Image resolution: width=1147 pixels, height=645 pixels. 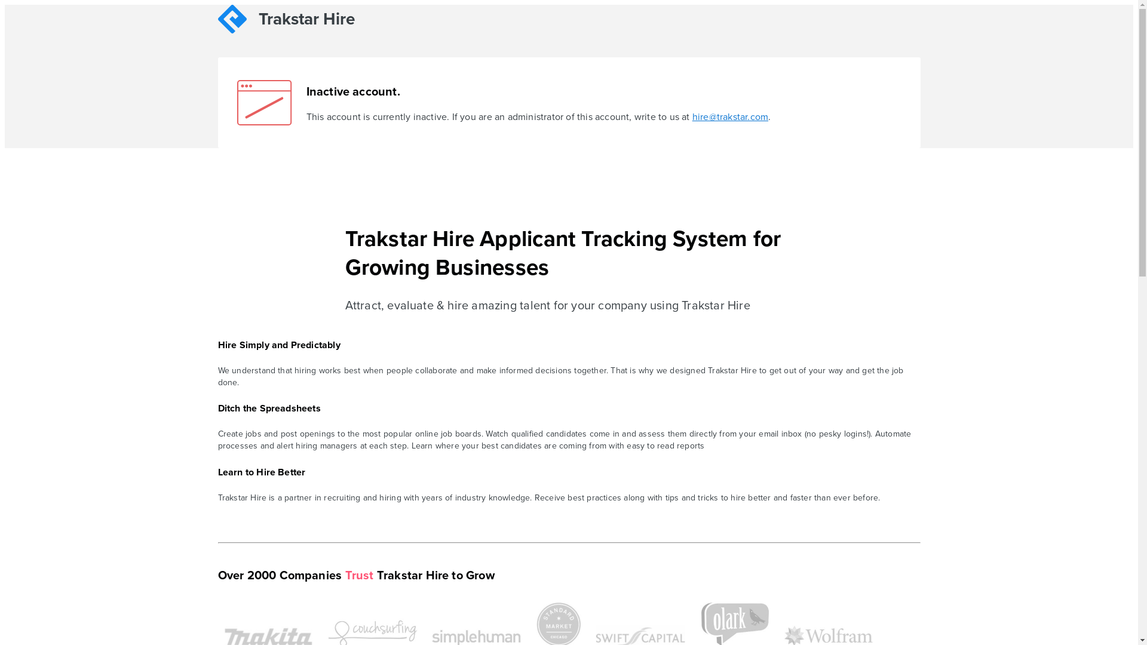 I want to click on 'Trakstar Hire', so click(x=303, y=21).